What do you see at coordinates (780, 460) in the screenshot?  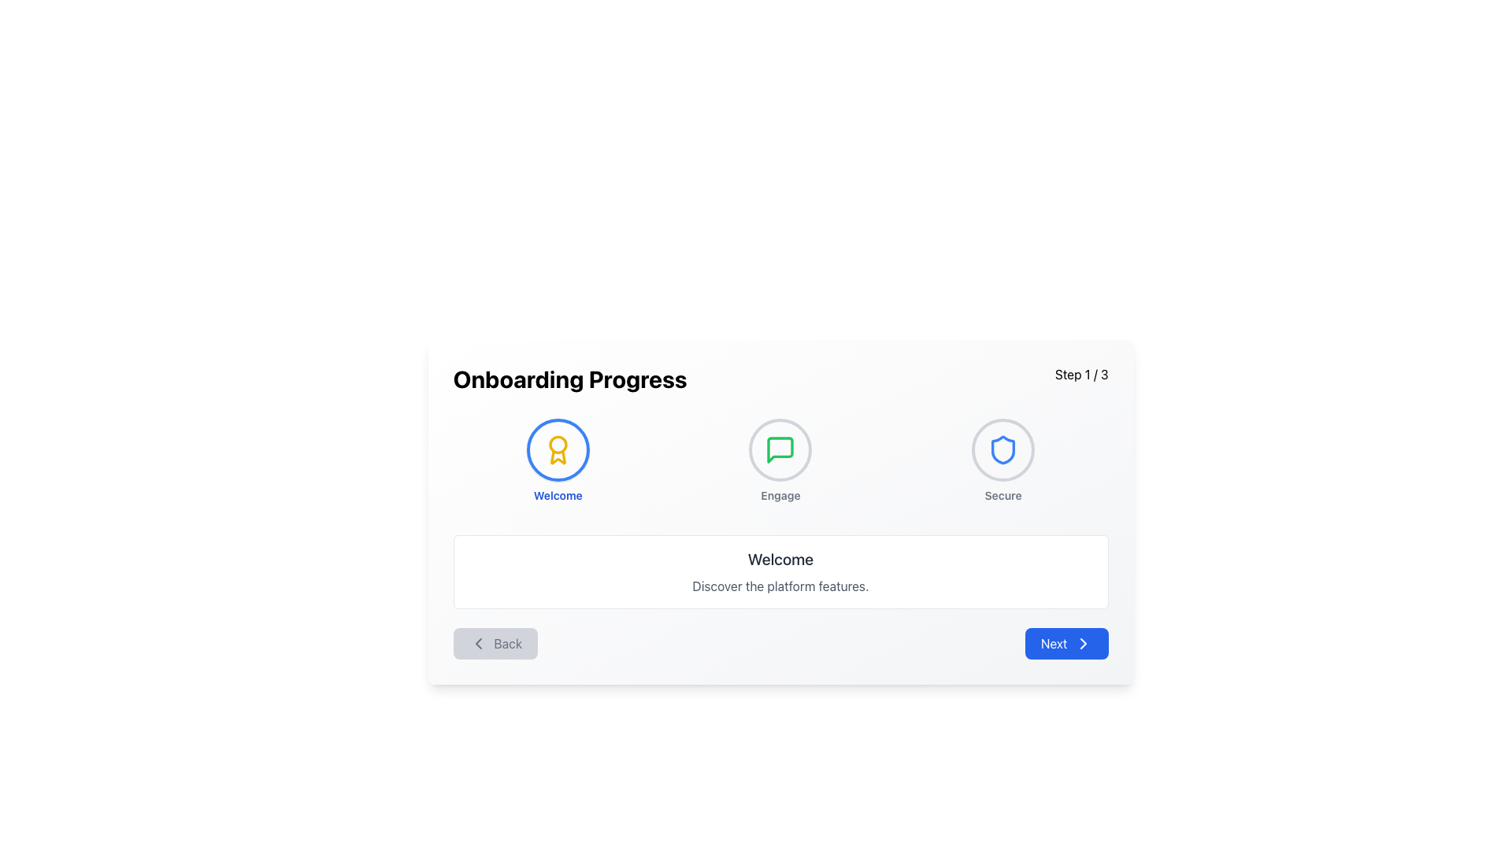 I see `label 'Engage' of the central step indicator element, which is part of a composite component containing three vertically stacked icon-label pairs: 'Welcome,' 'Engage,' and 'Secure.'` at bounding box center [780, 460].